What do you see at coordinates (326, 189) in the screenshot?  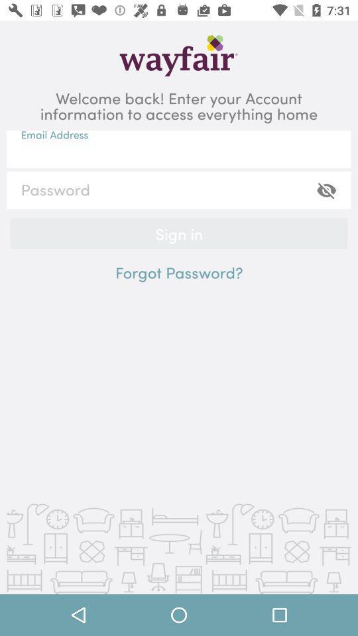 I see `the visibility icon` at bounding box center [326, 189].